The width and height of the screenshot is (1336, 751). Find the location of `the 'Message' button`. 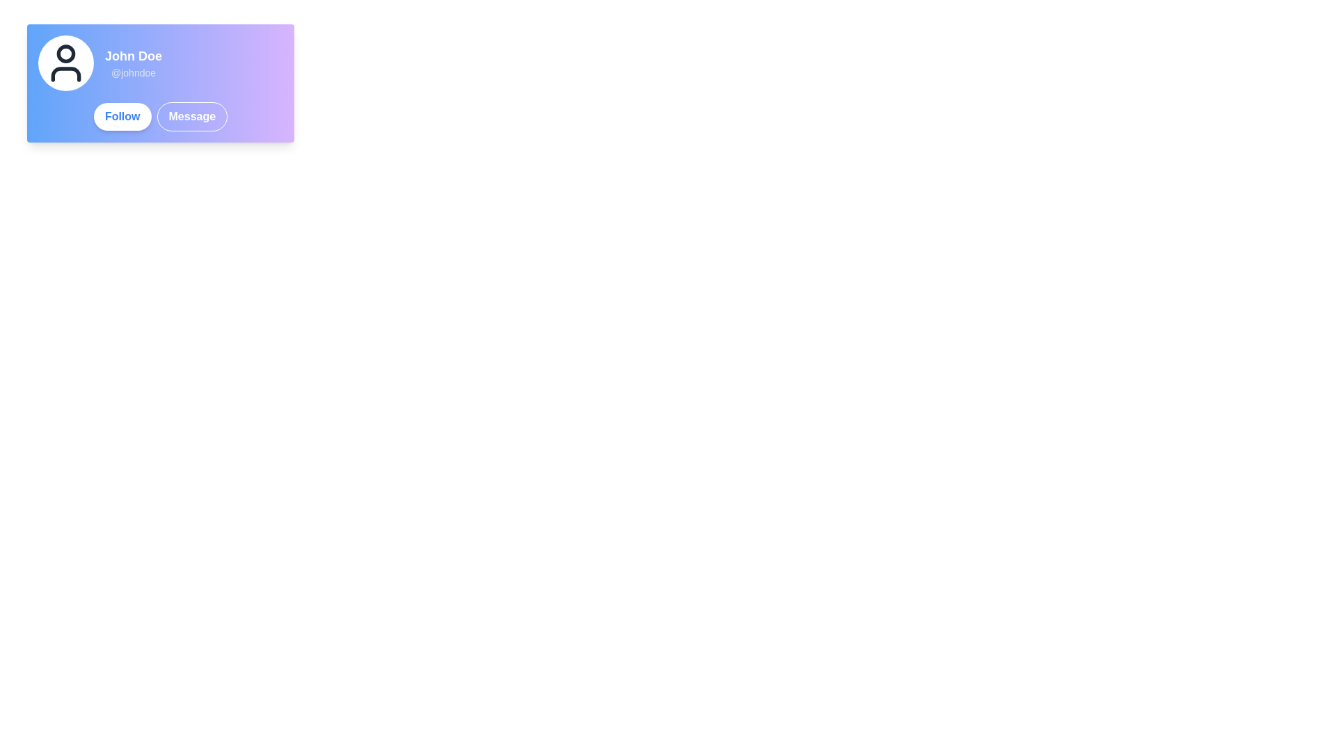

the 'Message' button is located at coordinates (191, 116).